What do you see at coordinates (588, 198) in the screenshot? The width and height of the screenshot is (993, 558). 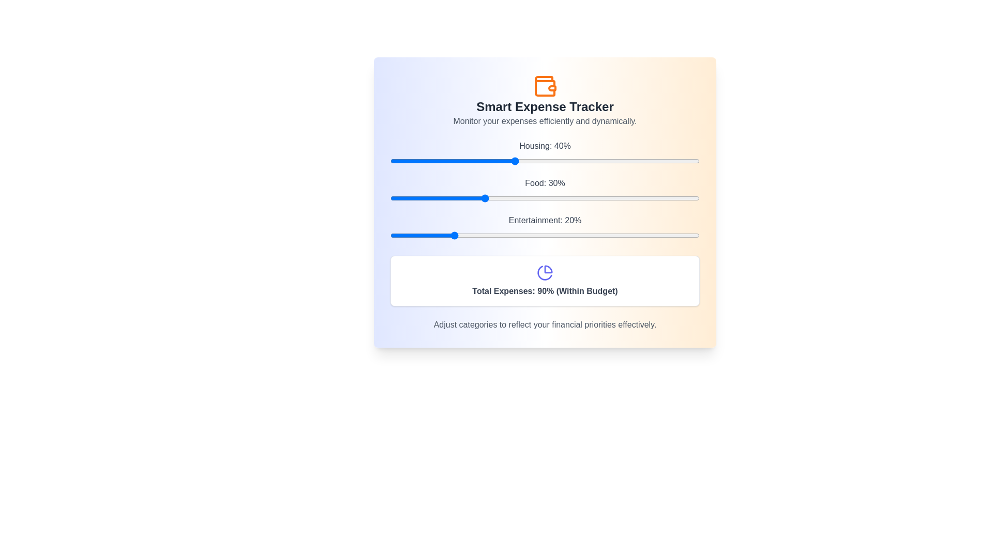 I see `the Food slider to set its value to 64%` at bounding box center [588, 198].